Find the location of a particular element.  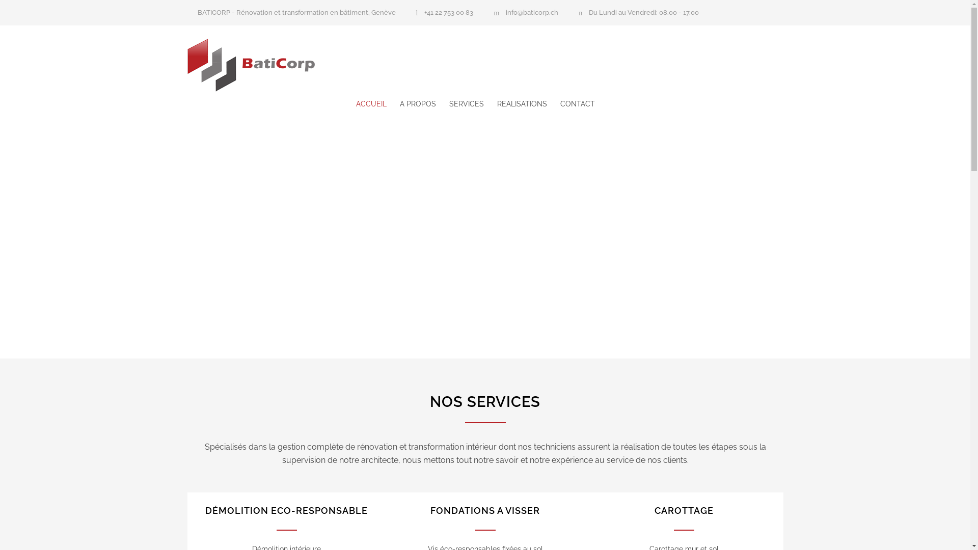

'CAROTTAGE' is located at coordinates (684, 510).